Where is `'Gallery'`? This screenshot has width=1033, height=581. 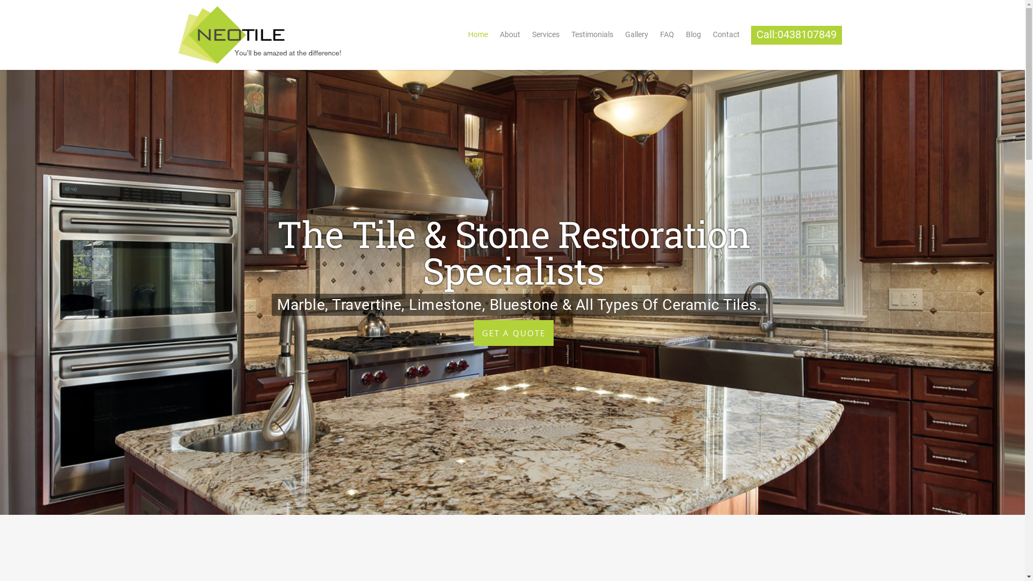
'Gallery' is located at coordinates (636, 37).